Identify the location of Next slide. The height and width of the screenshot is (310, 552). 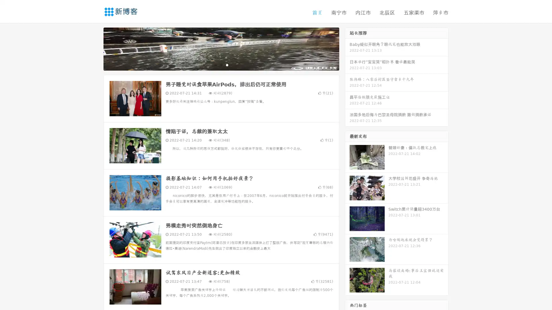
(347, 48).